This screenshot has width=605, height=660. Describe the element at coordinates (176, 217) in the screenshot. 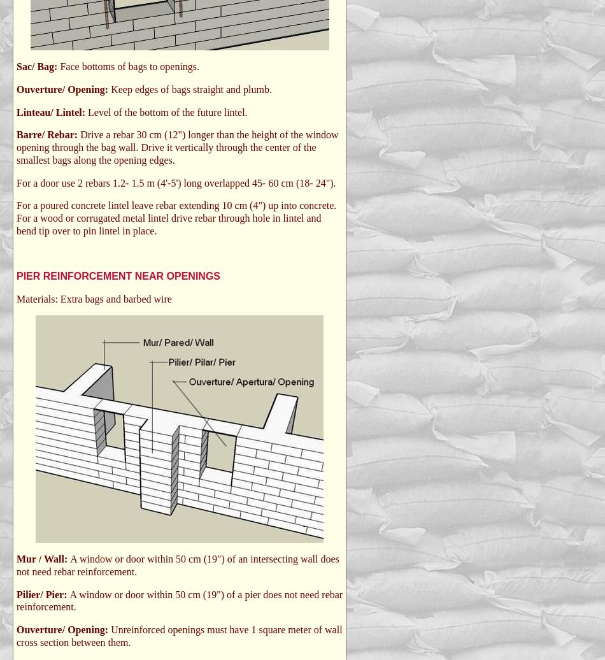

I see `'For a poured concrete lintel leave rebar extending 10 cm (4") up into concrete. For a wood or corrugated metal lintel drive rebar through hole in lintel and bend tip over to pin lintel in place.'` at that location.